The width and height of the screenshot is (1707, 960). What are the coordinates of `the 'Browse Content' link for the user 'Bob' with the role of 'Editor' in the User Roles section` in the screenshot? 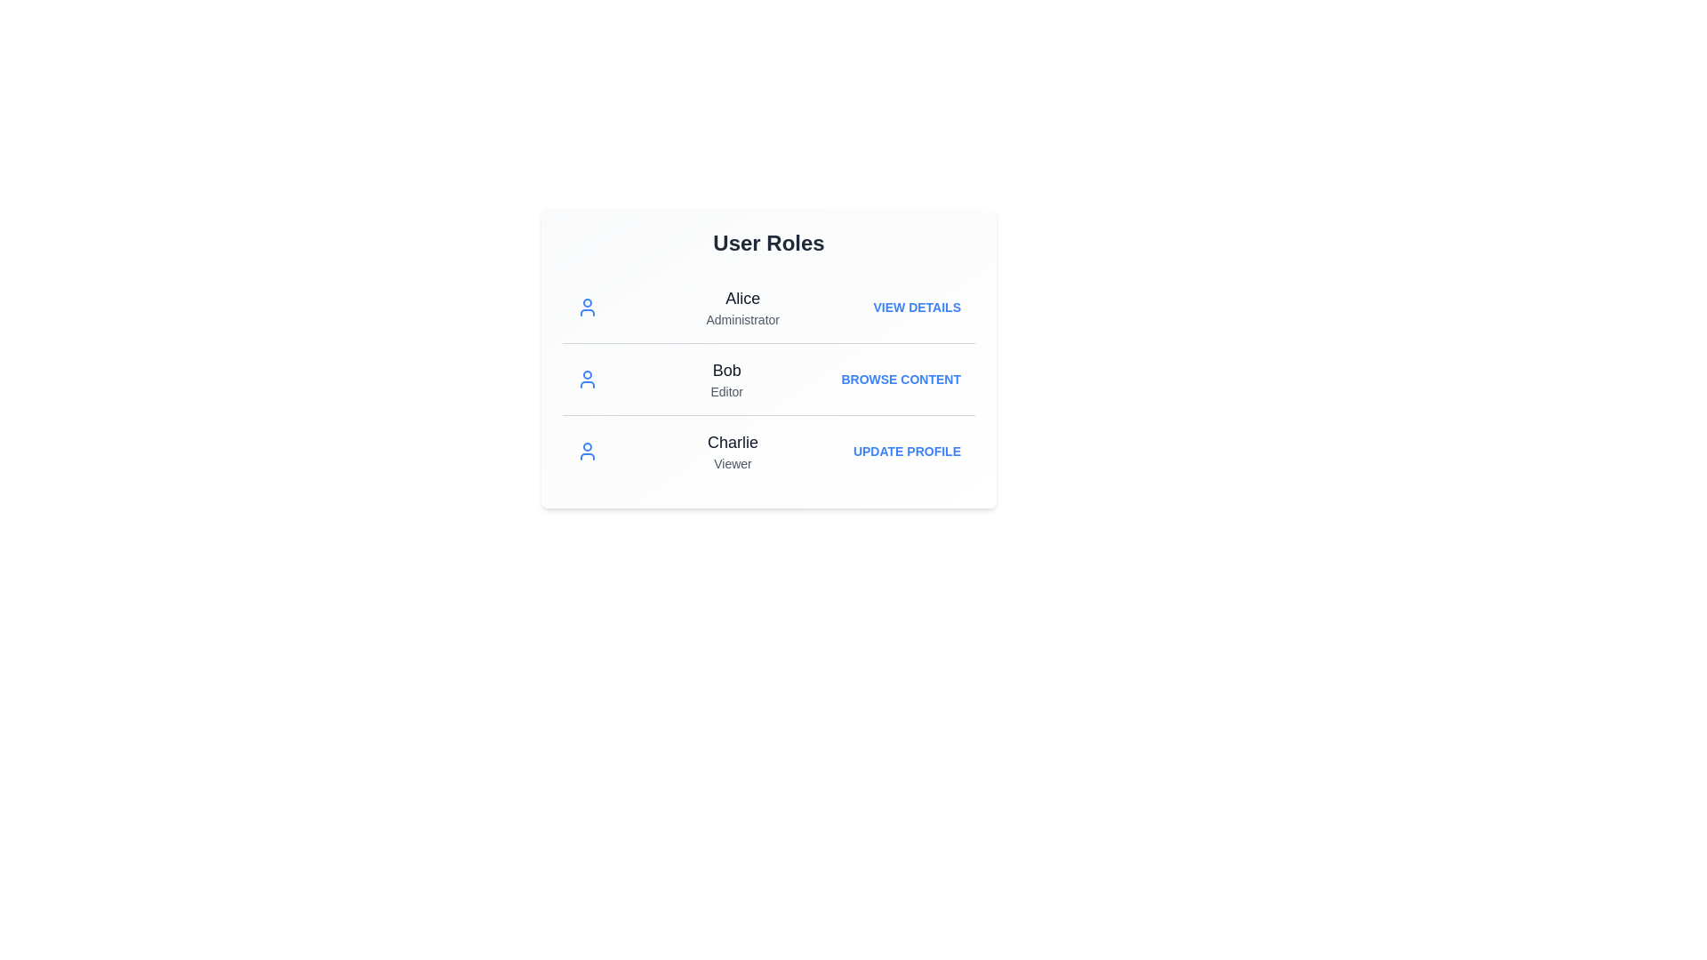 It's located at (768, 377).